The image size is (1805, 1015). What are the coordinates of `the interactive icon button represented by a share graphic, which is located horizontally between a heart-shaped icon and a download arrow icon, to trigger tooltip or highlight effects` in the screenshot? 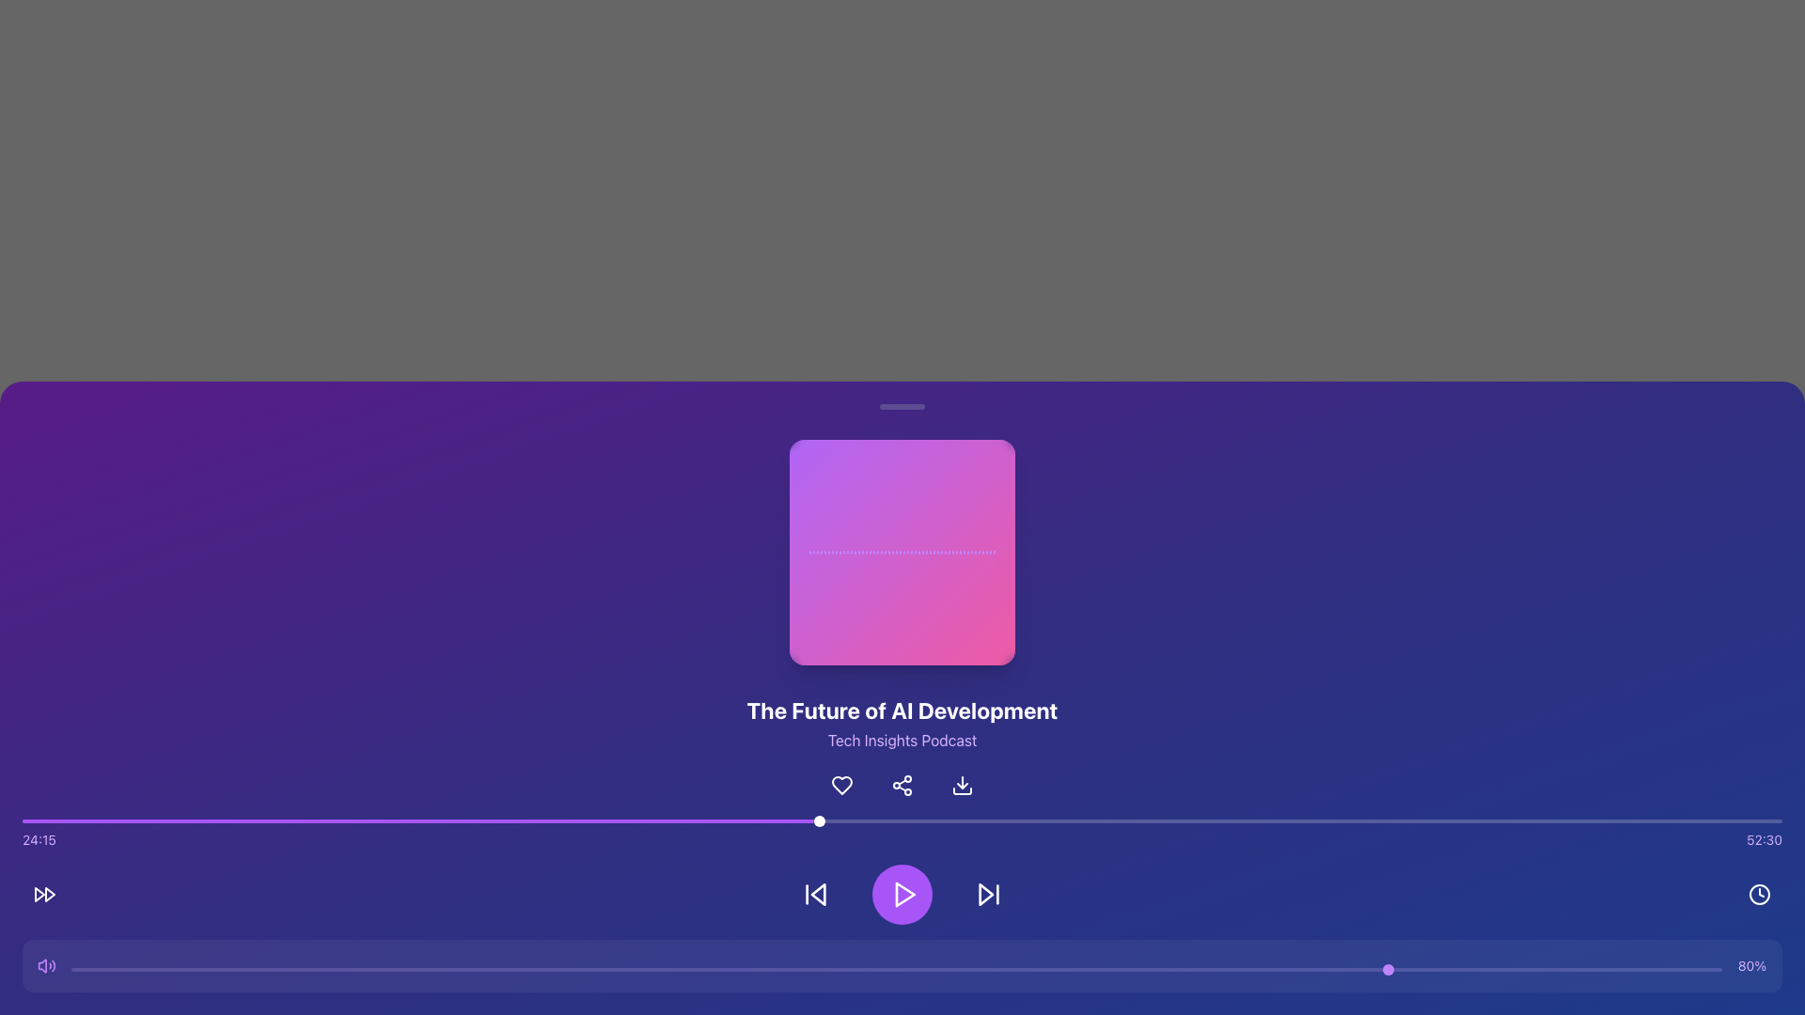 It's located at (902, 786).